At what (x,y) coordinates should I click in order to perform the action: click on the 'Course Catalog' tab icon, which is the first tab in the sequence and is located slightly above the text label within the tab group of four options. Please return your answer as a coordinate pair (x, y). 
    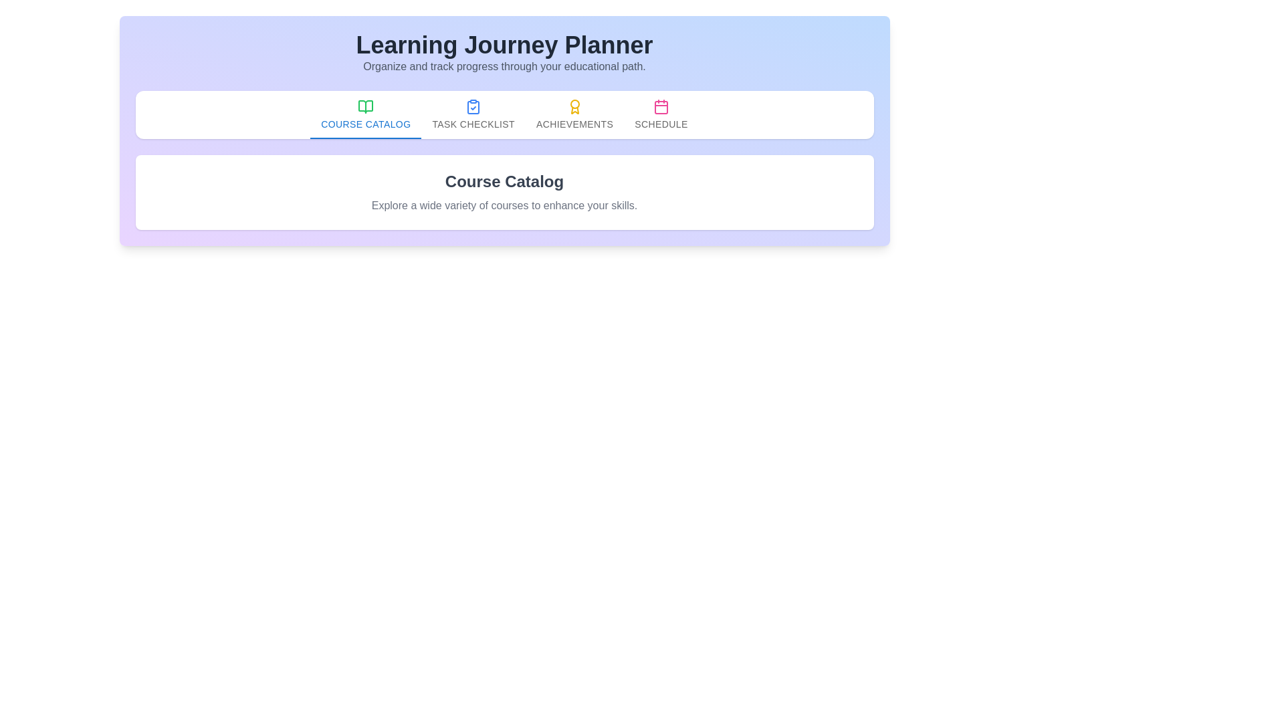
    Looking at the image, I should click on (366, 106).